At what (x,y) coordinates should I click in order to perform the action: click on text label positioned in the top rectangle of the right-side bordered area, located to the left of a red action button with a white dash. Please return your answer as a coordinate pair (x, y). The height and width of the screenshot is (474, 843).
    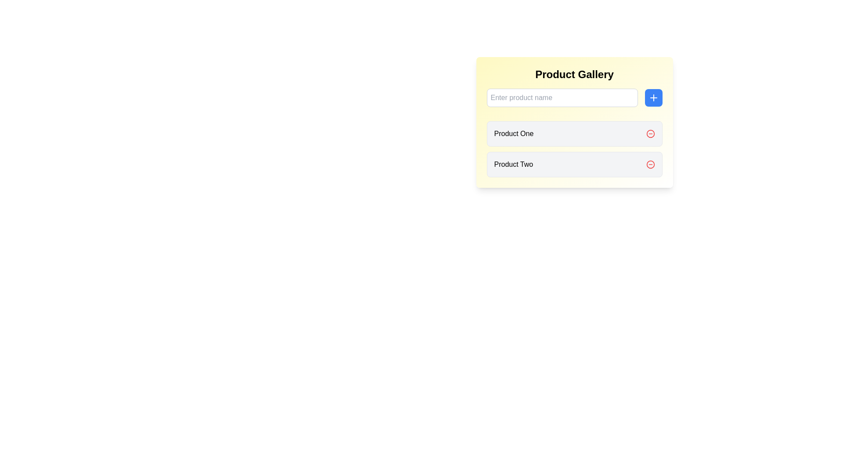
    Looking at the image, I should click on (514, 133).